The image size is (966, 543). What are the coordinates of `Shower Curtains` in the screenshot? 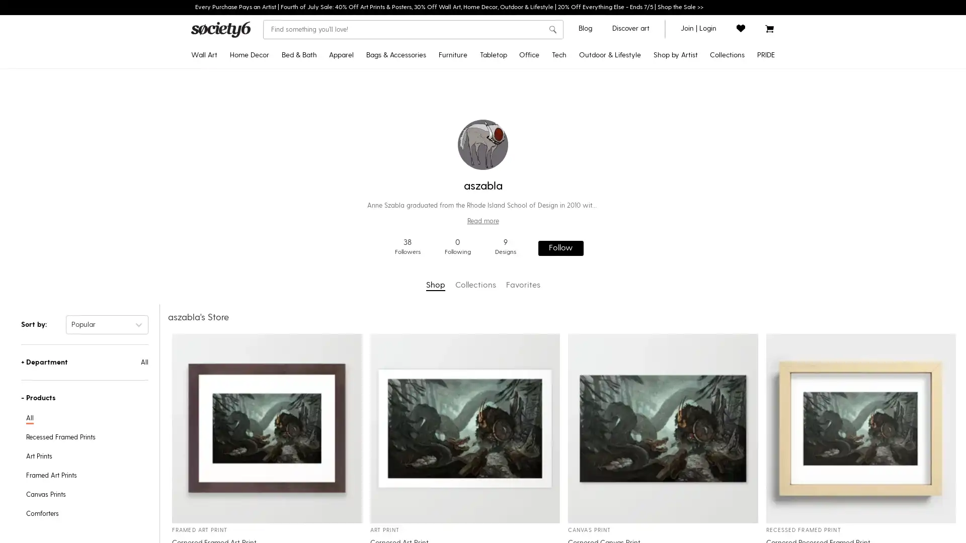 It's located at (320, 129).